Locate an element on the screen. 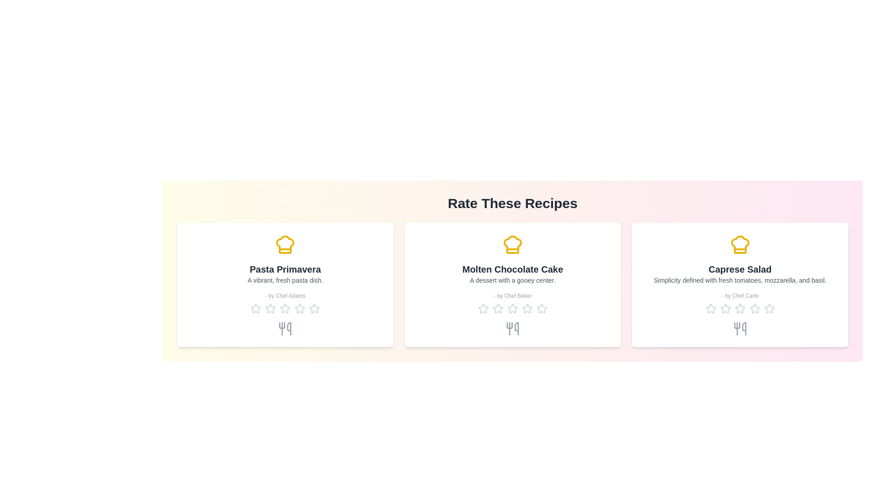  the utensils icon below the 'Pasta Primavera' recipe is located at coordinates (285, 328).